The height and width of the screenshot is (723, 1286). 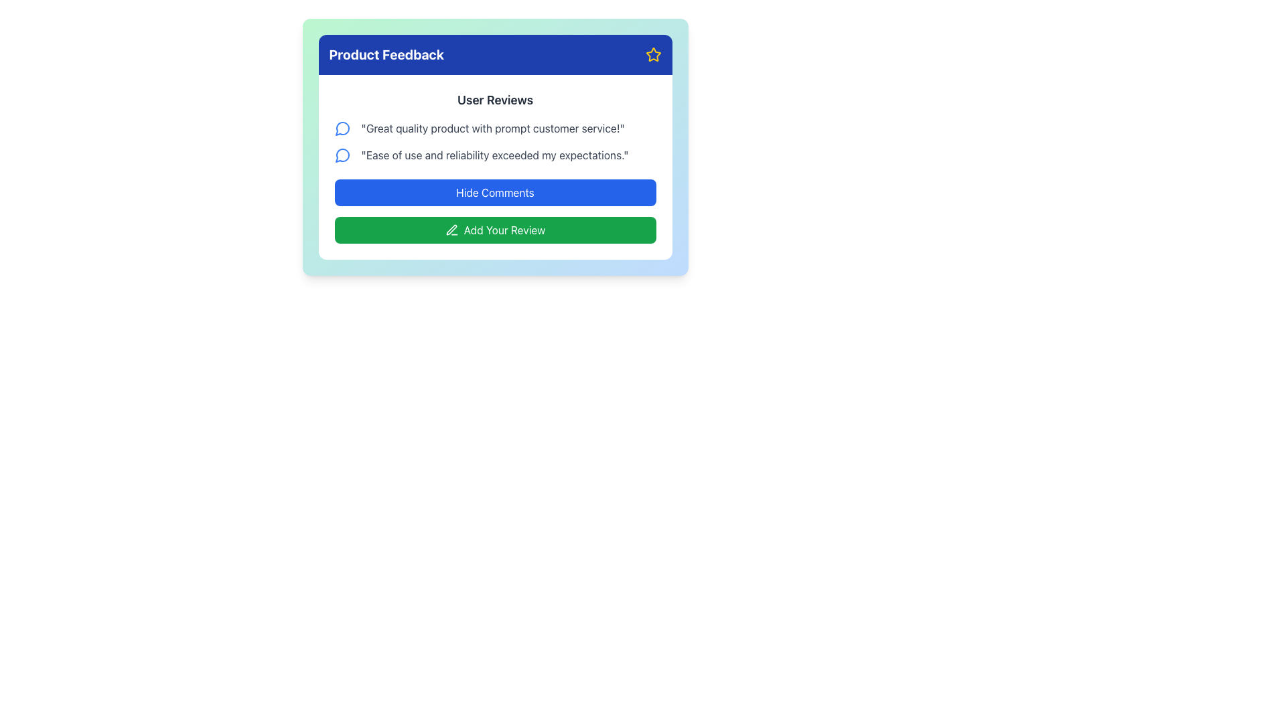 What do you see at coordinates (494, 229) in the screenshot?
I see `the 'Add Review' button located at the bottom of the reviews card, directly below the 'Hide Comments' button to initiate the review addition process` at bounding box center [494, 229].